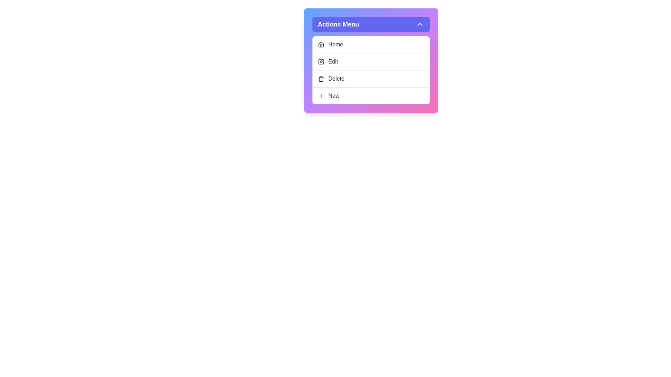 Image resolution: width=671 pixels, height=377 pixels. I want to click on the menu item Home from the dropdown menu, so click(370, 44).